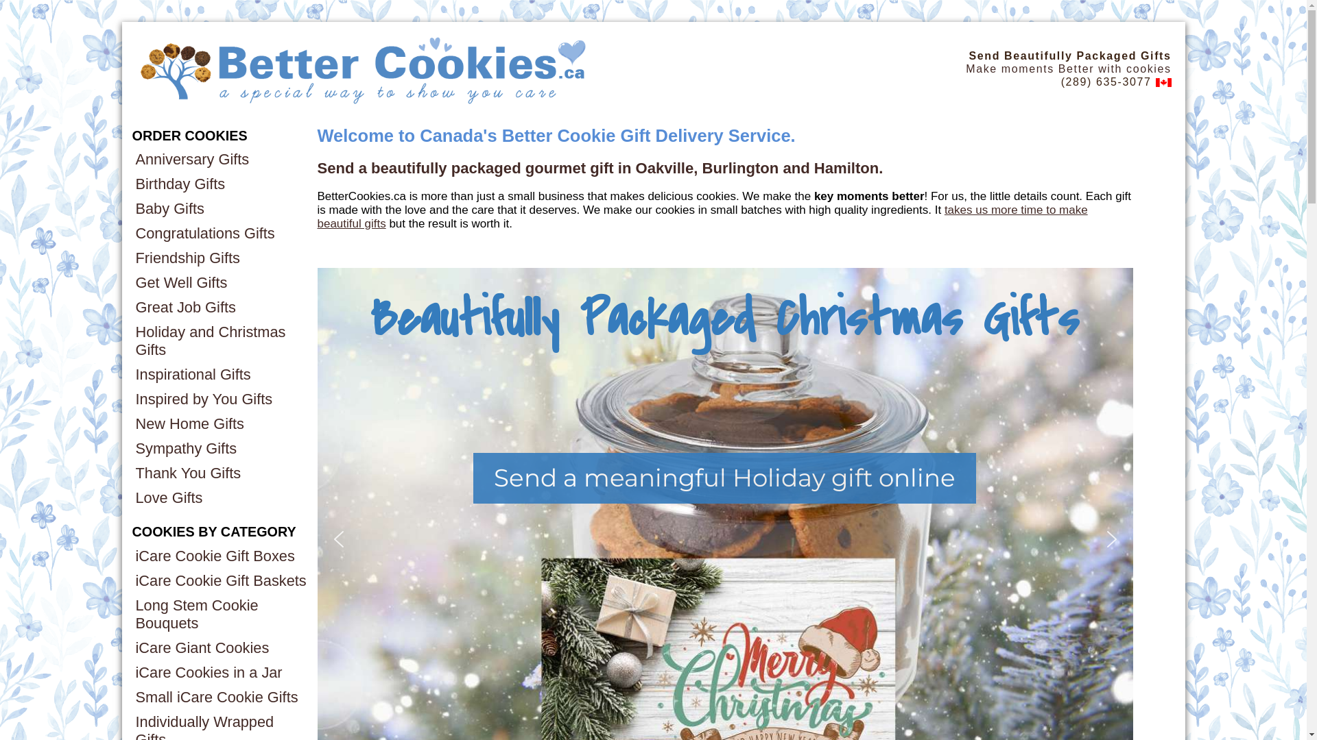  Describe the element at coordinates (220, 672) in the screenshot. I see `'iCare Cookies in a Jar'` at that location.